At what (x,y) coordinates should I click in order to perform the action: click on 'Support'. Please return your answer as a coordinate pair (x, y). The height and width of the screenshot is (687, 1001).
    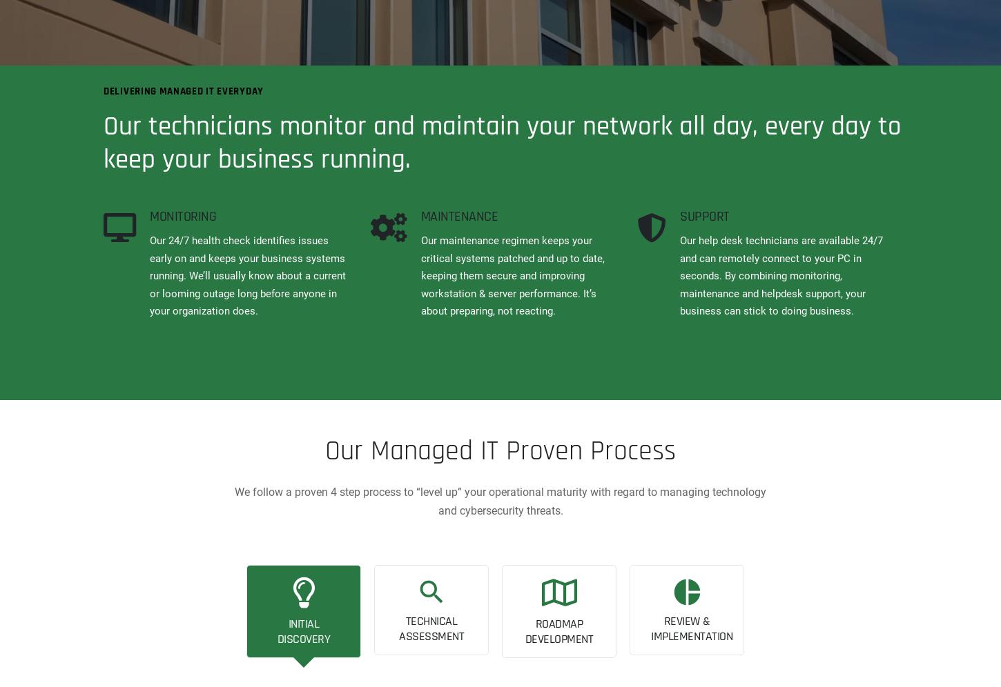
    Looking at the image, I should click on (704, 216).